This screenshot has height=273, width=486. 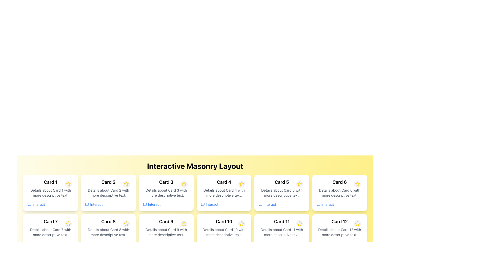 I want to click on the yellow star icon located at the top-right corner of 'Card 3', so click(x=184, y=184).